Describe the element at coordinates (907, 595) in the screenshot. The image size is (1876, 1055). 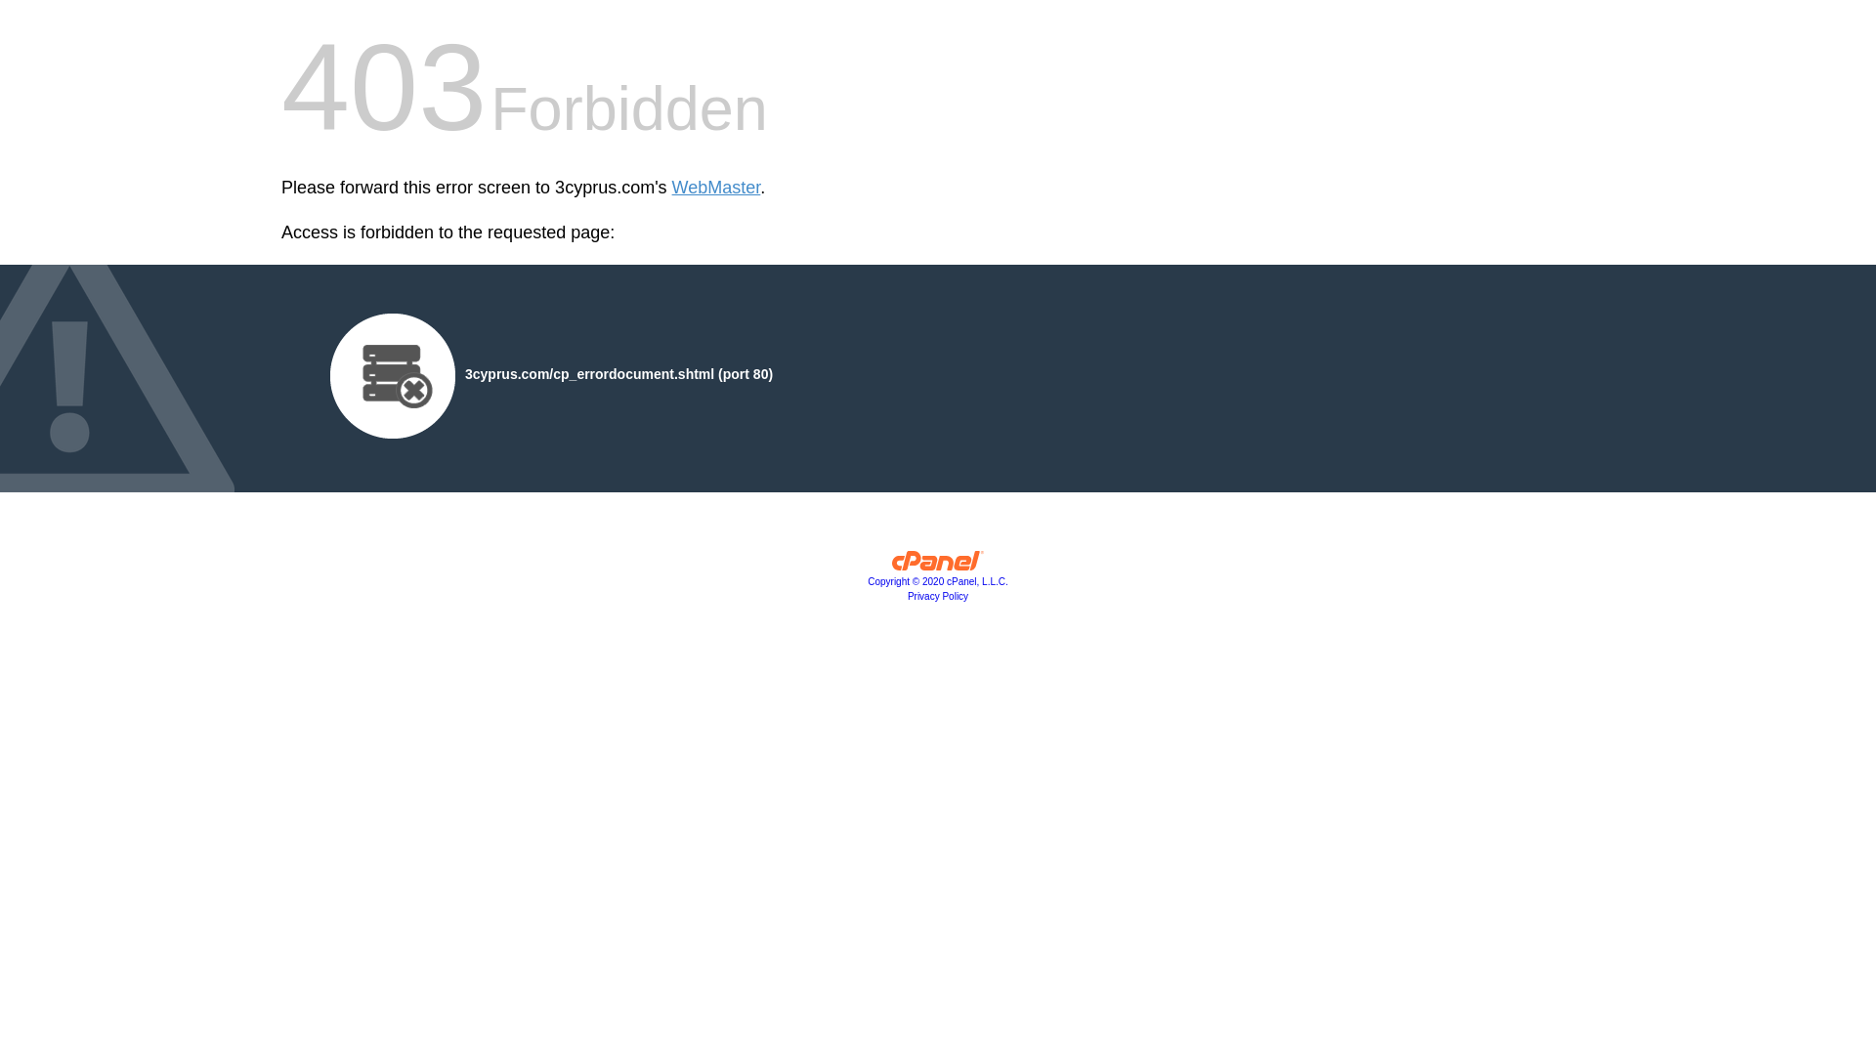
I see `'Privacy Policy'` at that location.